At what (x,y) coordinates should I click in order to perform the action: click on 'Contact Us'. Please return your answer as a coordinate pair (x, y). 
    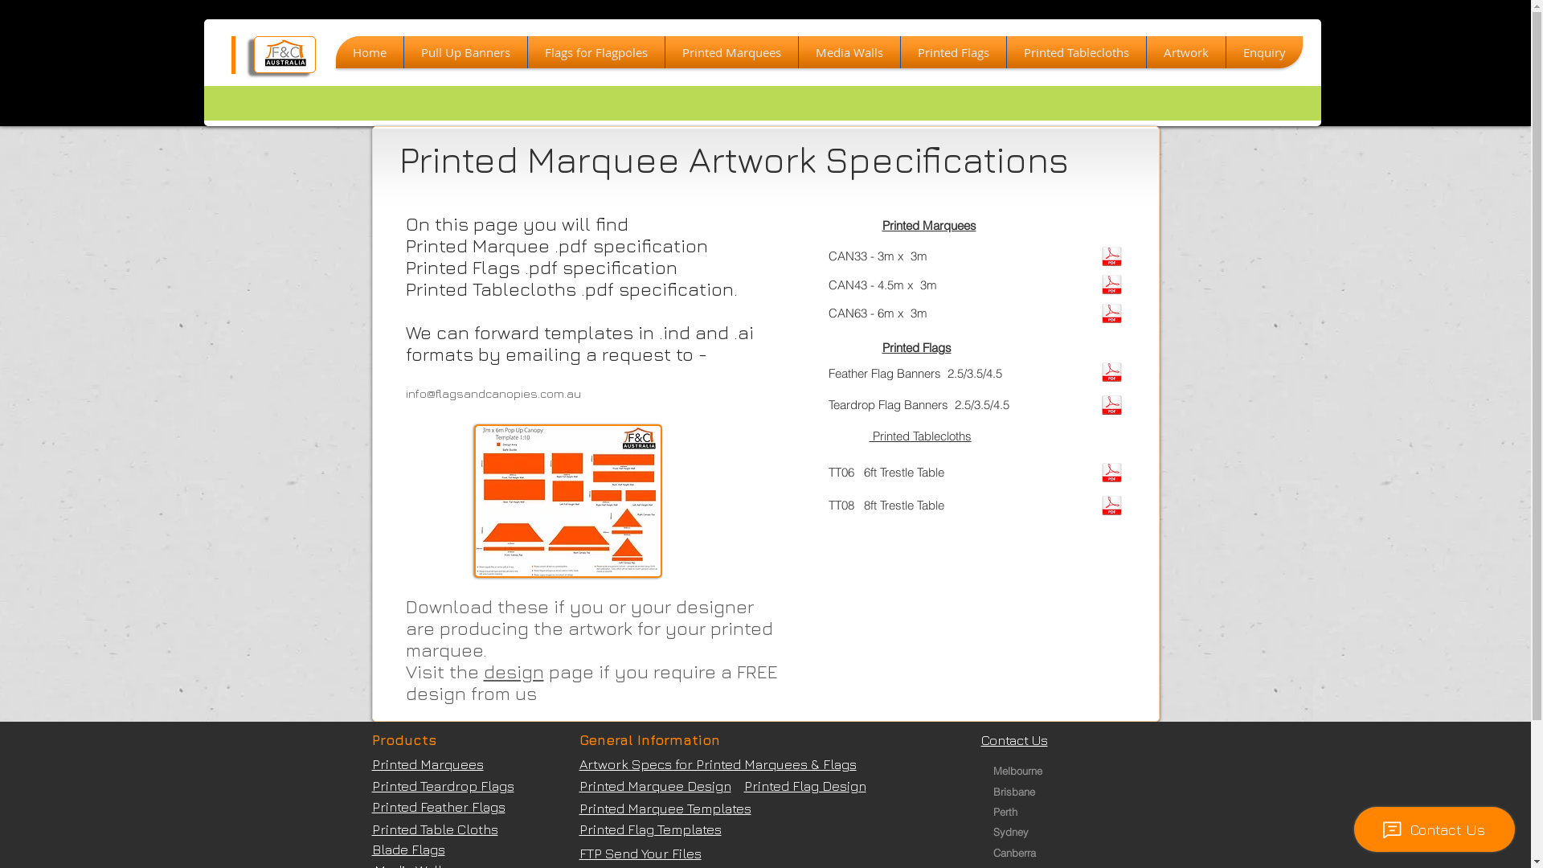
    Looking at the image, I should click on (979, 740).